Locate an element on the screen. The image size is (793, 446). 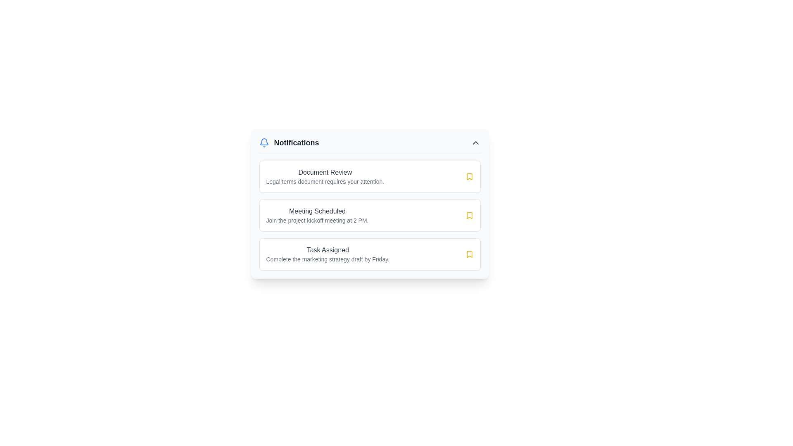
the bookmark icon located in the bottom-right corner of the 'Task Assigned' notification card is located at coordinates (469, 254).